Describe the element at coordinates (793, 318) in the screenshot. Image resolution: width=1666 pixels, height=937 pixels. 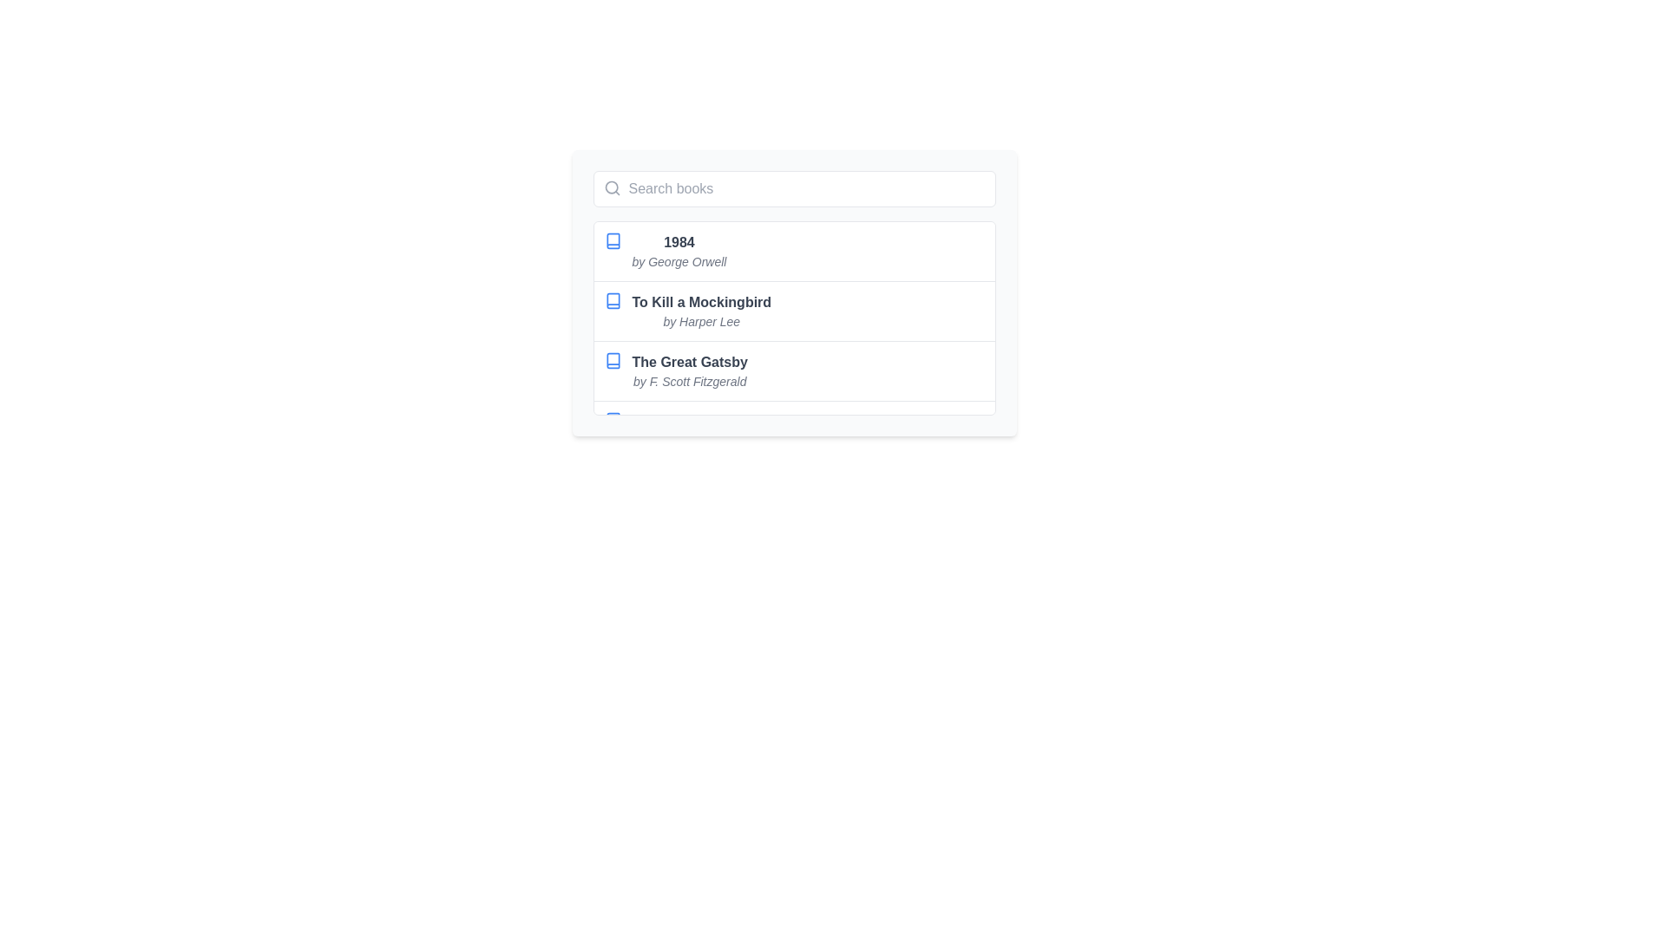
I see `the second item in the scrollable list, which is styled with a bold book title and an italic author name` at that location.